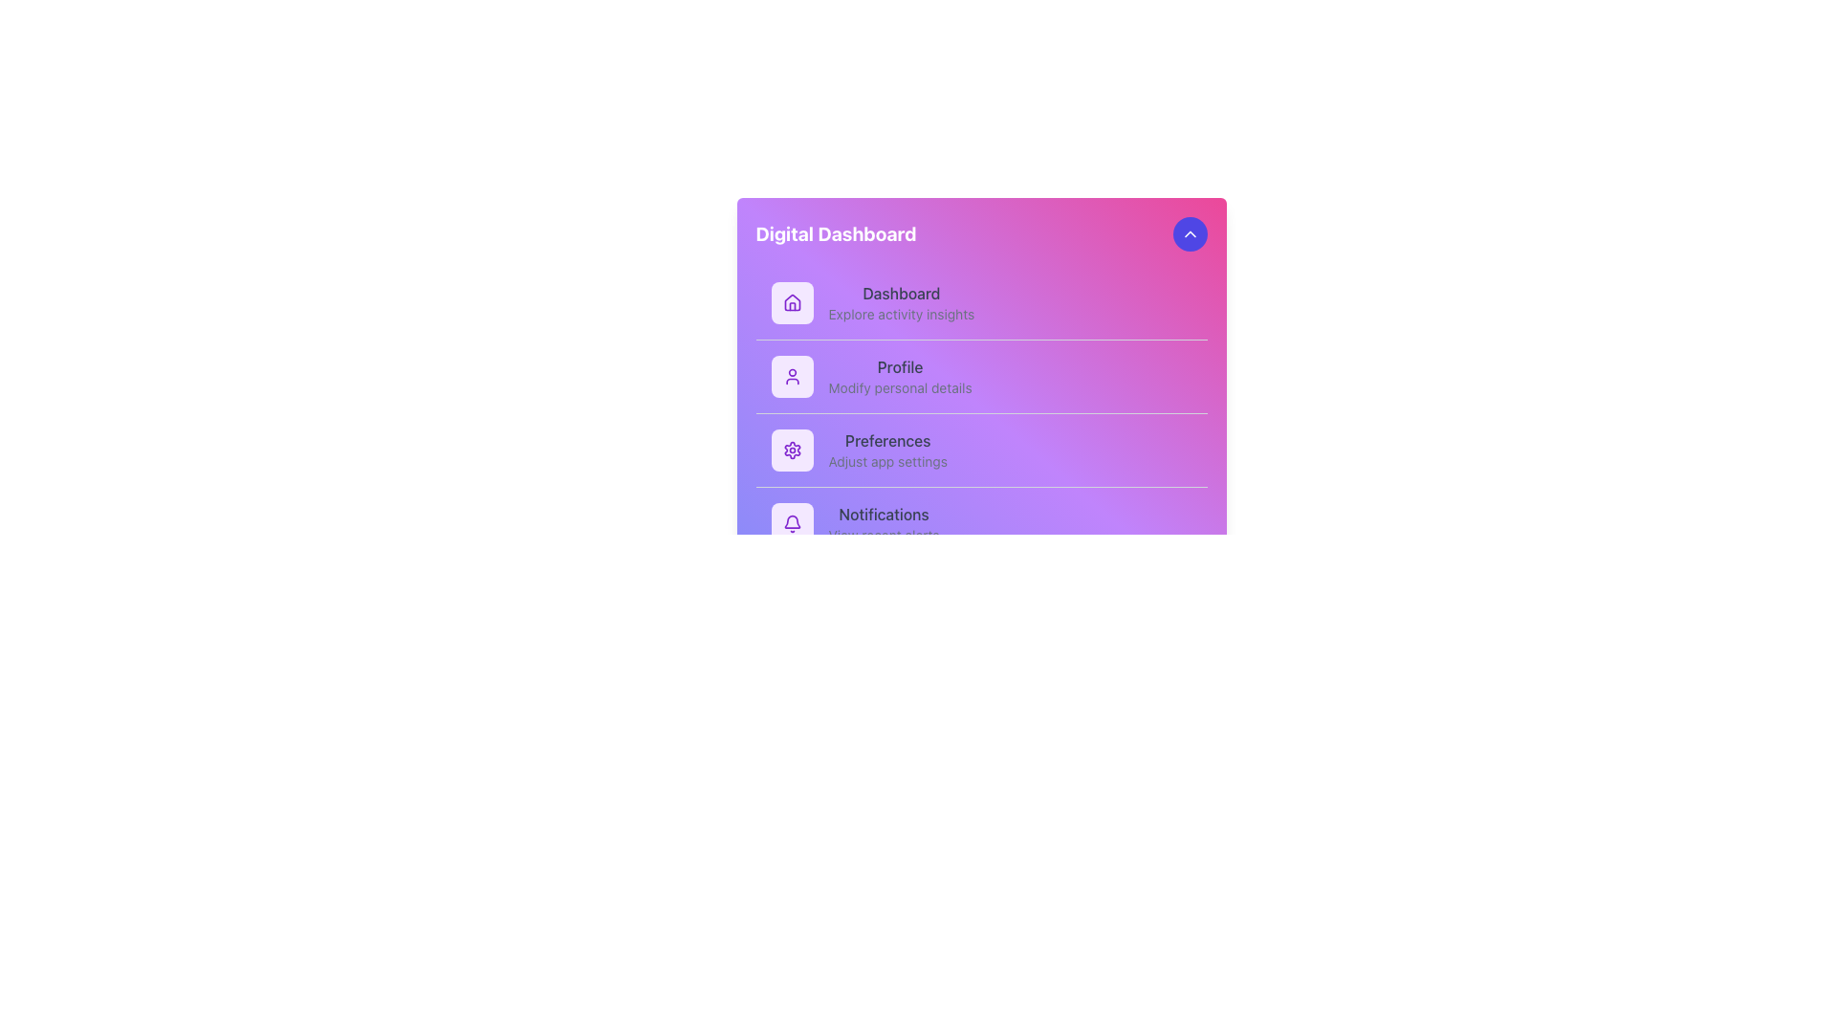 The width and height of the screenshot is (1836, 1033). What do you see at coordinates (981, 407) in the screenshot?
I see `the central navigation panel located below the title bar` at bounding box center [981, 407].